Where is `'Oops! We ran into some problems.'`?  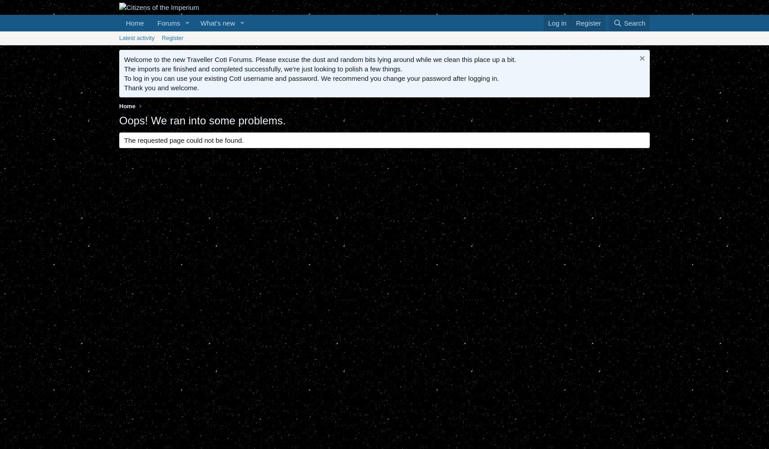 'Oops! We ran into some problems.' is located at coordinates (202, 120).